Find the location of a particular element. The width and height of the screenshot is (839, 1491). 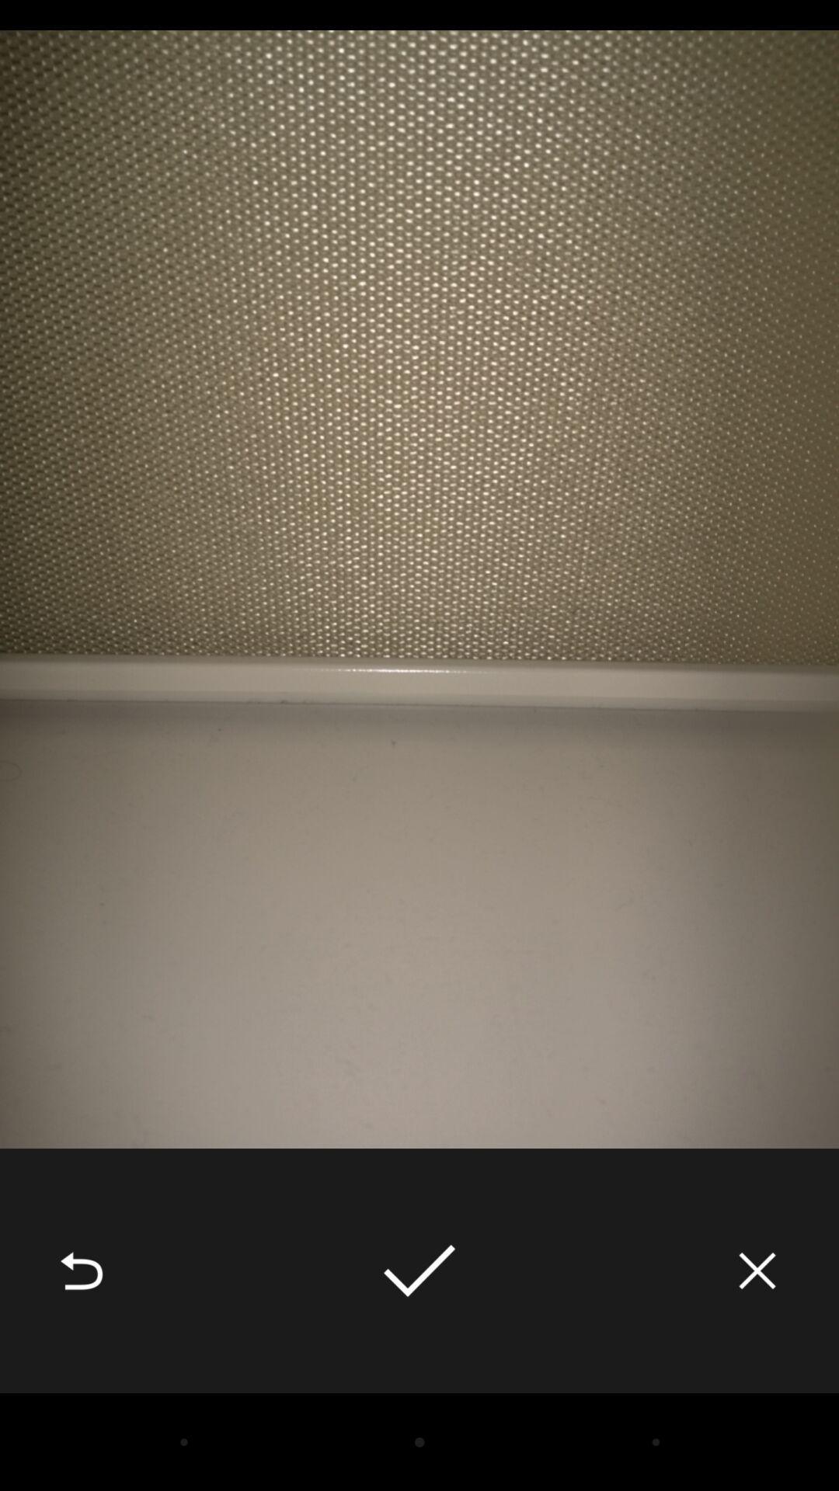

item at the bottom right corner is located at coordinates (757, 1270).